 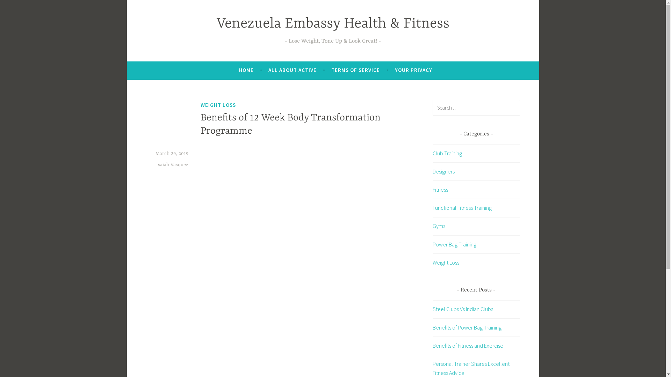 I want to click on 'Functional Fitness Training', so click(x=462, y=207).